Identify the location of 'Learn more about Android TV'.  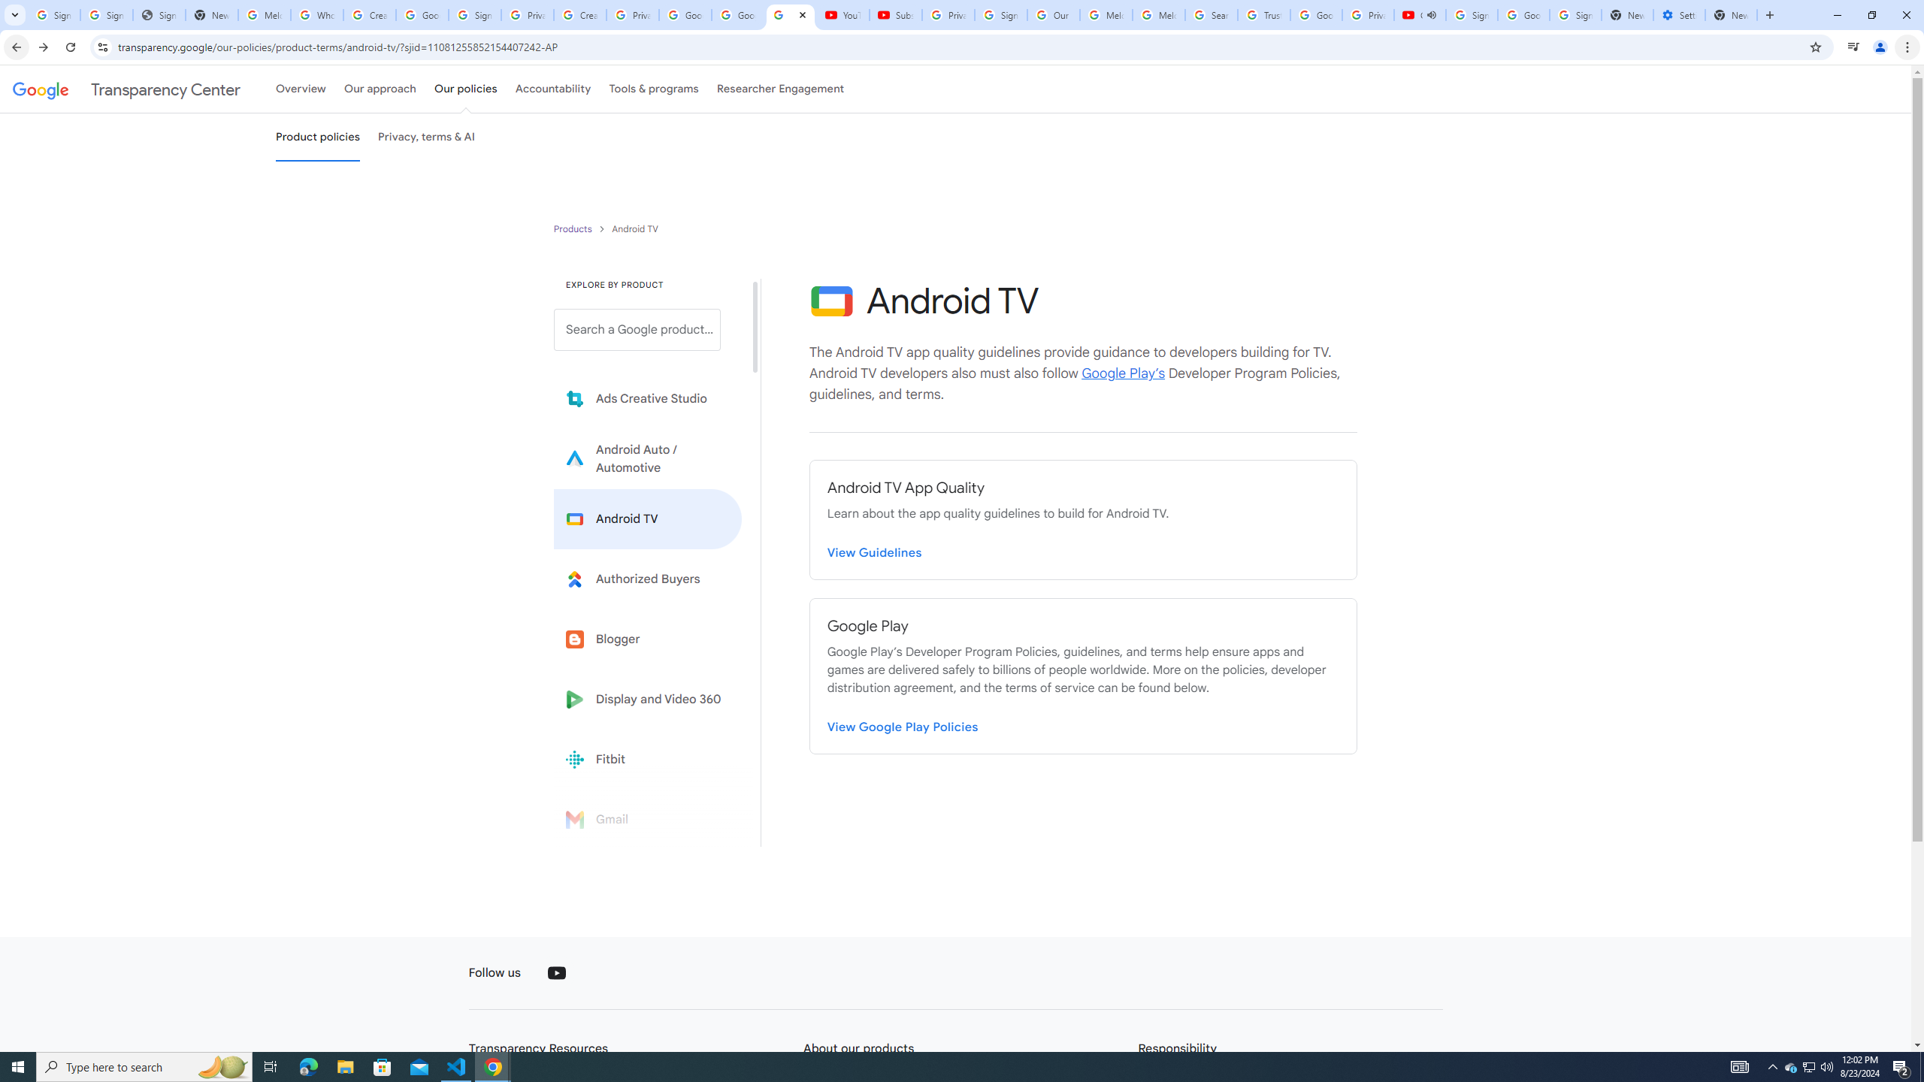
(647, 518).